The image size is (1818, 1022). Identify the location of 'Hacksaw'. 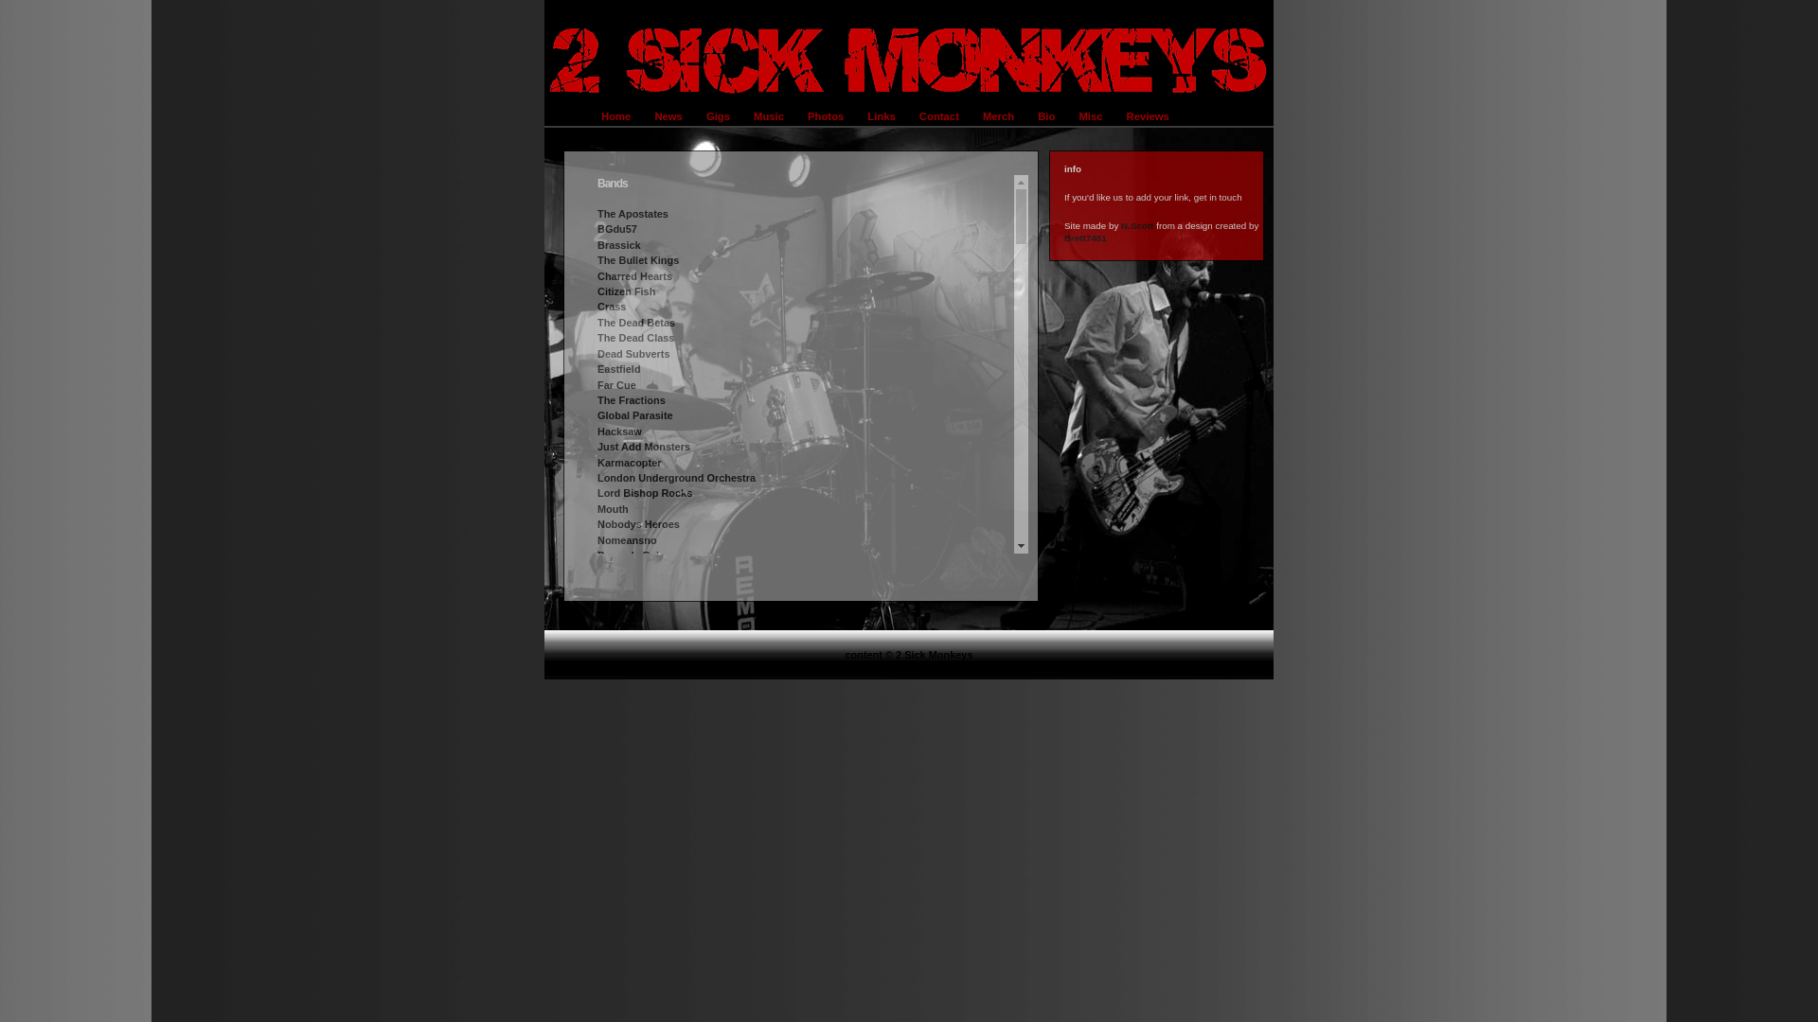
(596, 431).